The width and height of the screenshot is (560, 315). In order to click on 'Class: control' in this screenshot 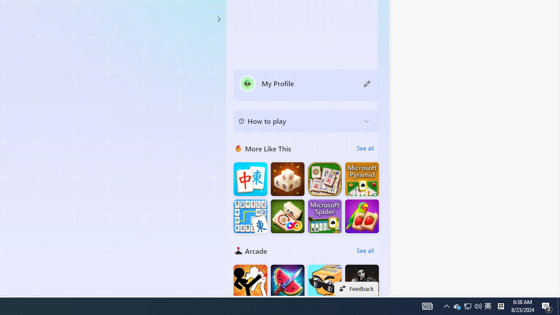, I will do `click(218, 19)`.